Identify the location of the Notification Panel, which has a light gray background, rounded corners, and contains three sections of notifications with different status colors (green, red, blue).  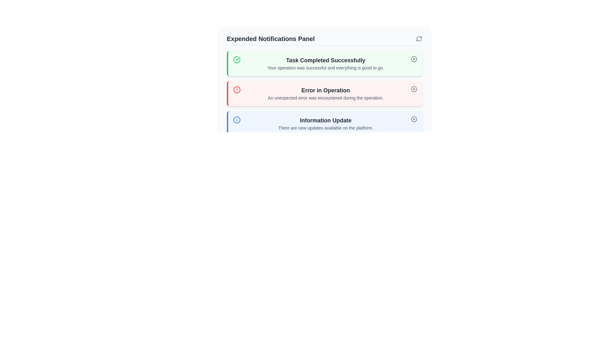
(324, 96).